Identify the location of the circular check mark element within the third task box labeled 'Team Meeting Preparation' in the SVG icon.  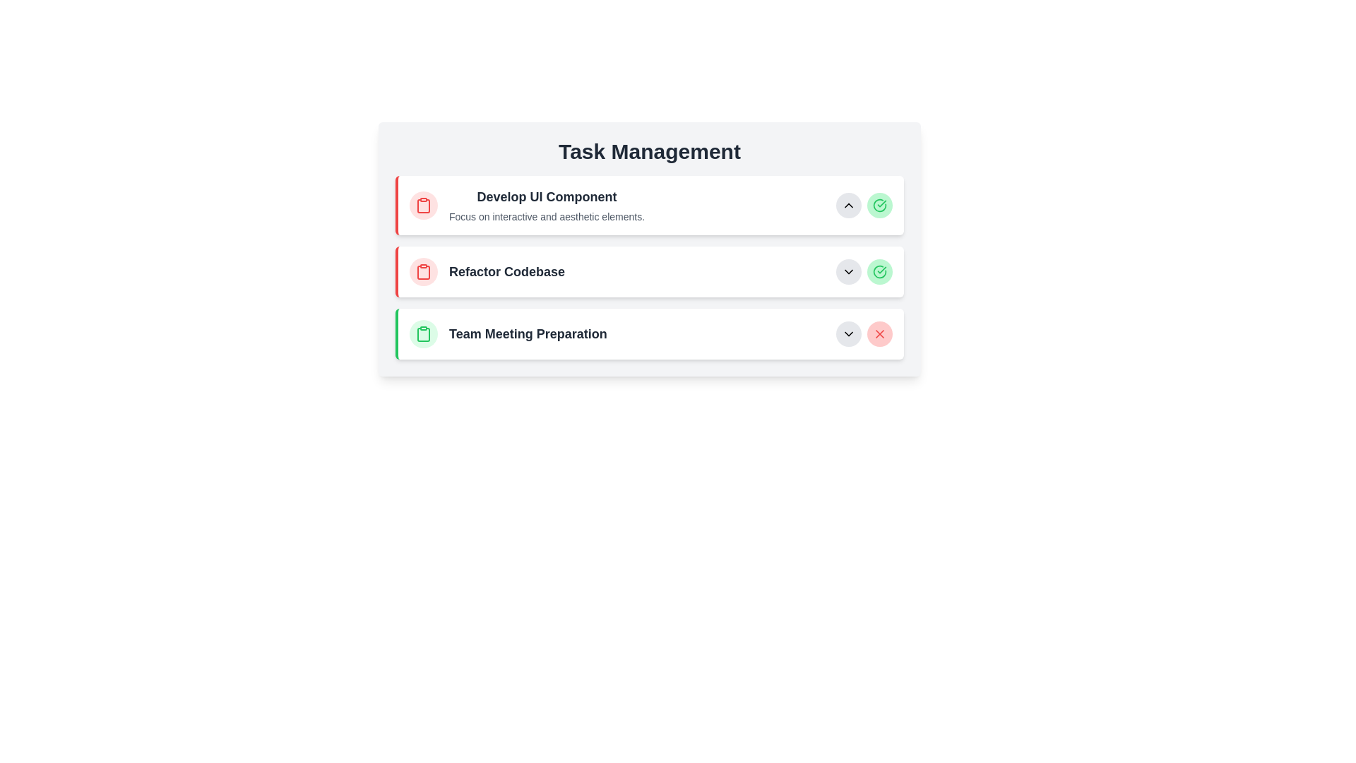
(879, 272).